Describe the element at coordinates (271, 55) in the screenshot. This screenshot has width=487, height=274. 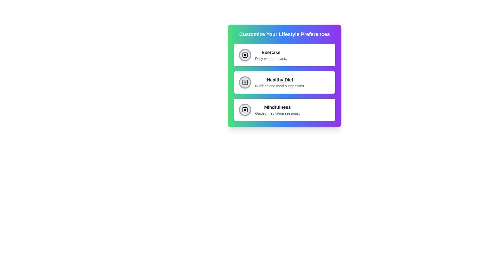
I see `the text block titled 'Exercise' which contains the subtitle 'Daily workout plans.' styled in contrasting grayscale tones, located in the topmost card of a vertically stacked list` at that location.